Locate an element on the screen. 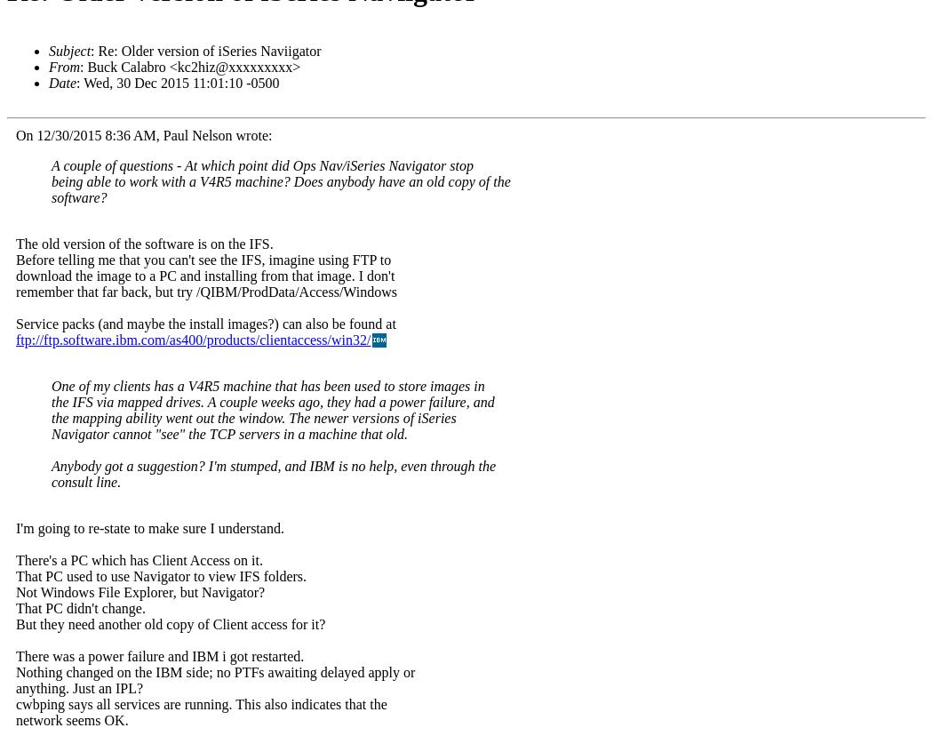 The height and width of the screenshot is (736, 933). 'network seems OK.' is located at coordinates (71, 719).